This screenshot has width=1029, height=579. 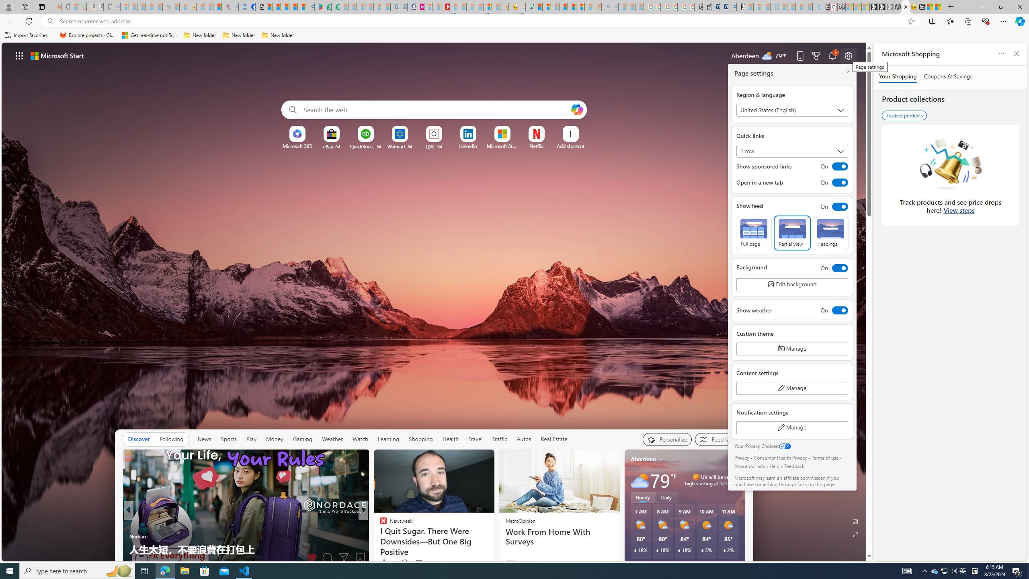 What do you see at coordinates (277, 35) in the screenshot?
I see `'New folder'` at bounding box center [277, 35].